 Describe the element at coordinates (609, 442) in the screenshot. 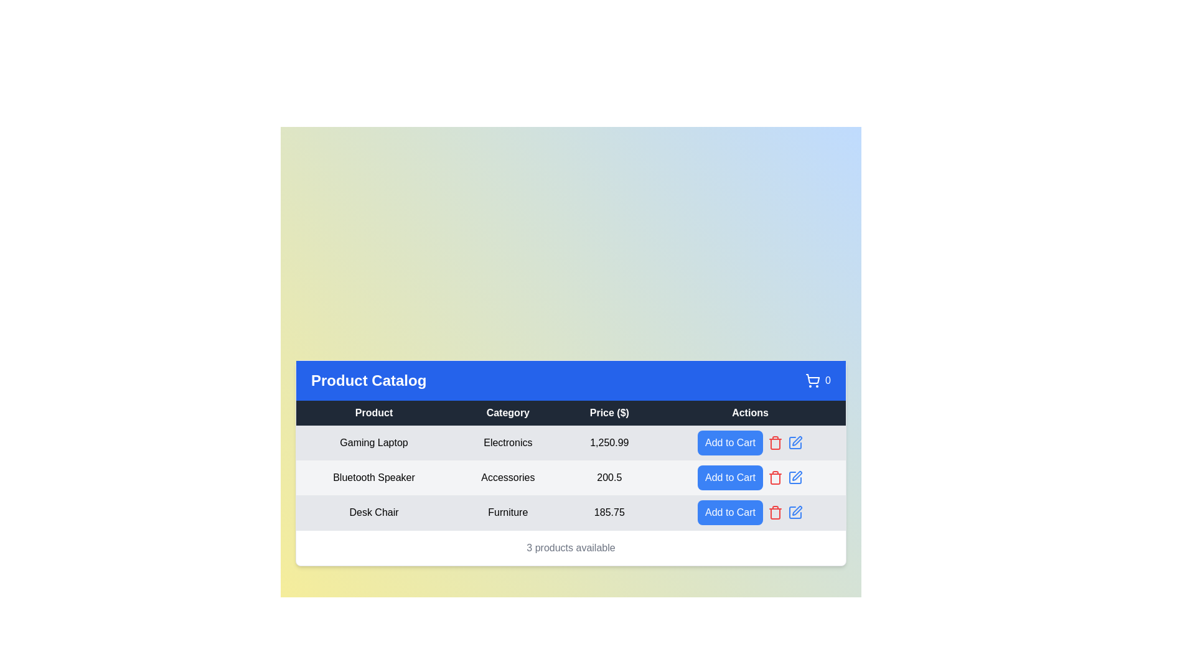

I see `the price display of the 'Gaming Laptop', which shows '1,250.99' in a black font on a light gray background` at that location.